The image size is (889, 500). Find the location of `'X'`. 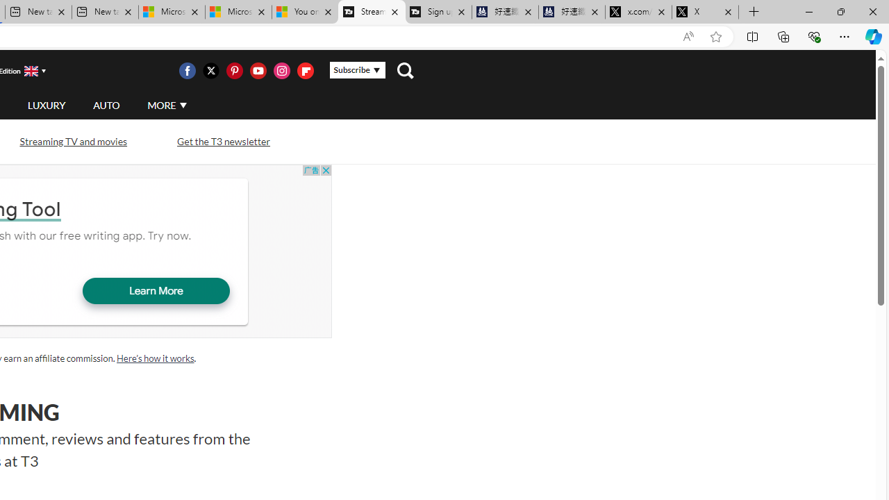

'X' is located at coordinates (705, 12).